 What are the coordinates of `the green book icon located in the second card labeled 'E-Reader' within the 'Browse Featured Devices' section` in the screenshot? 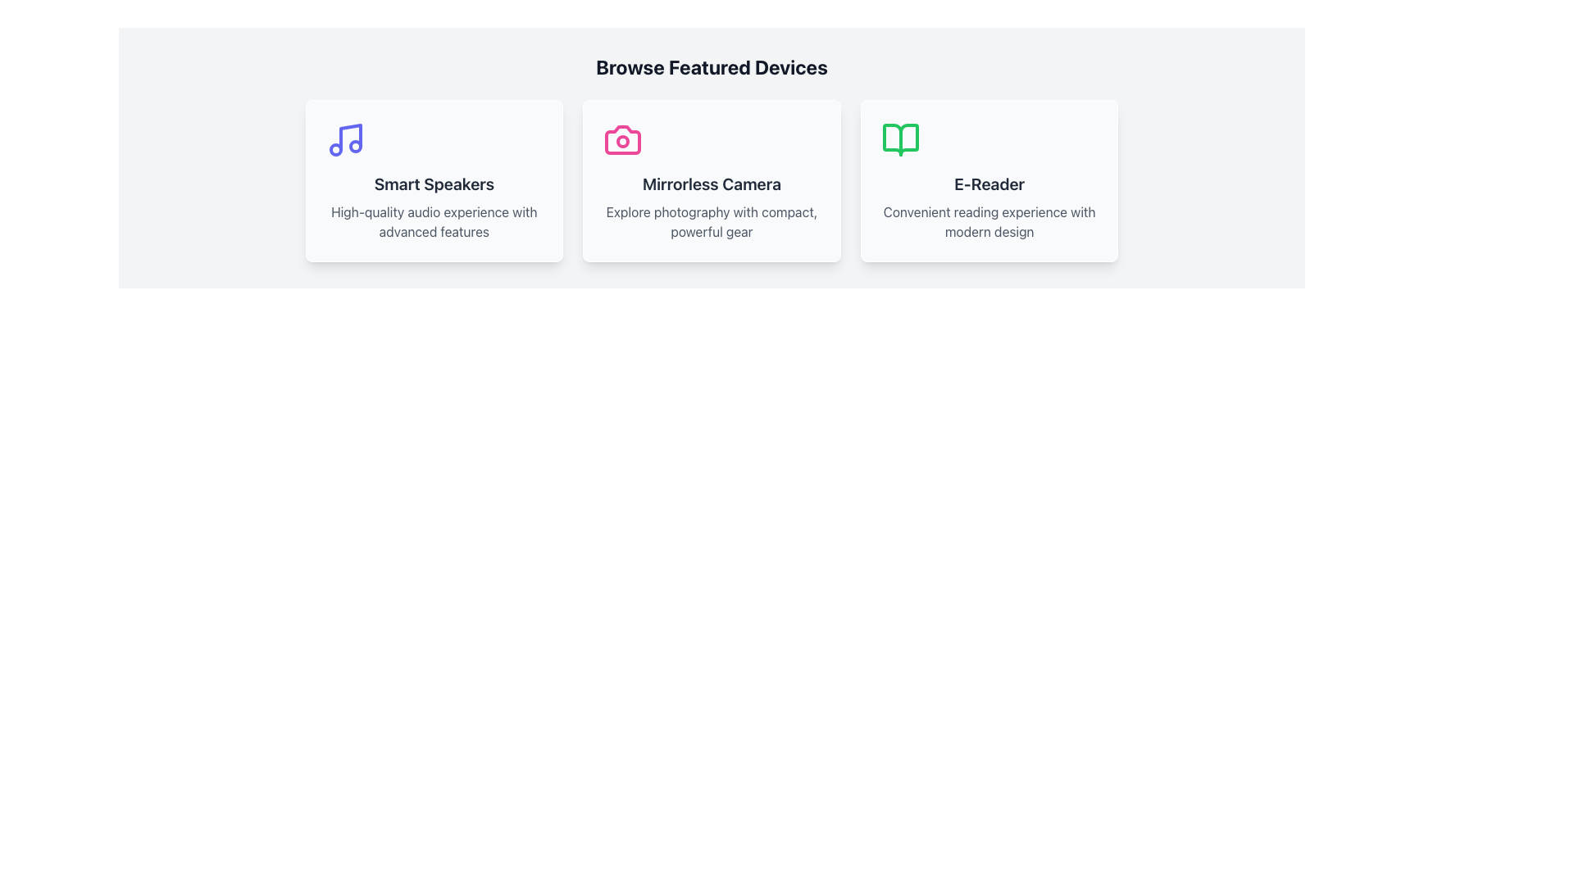 It's located at (899, 138).